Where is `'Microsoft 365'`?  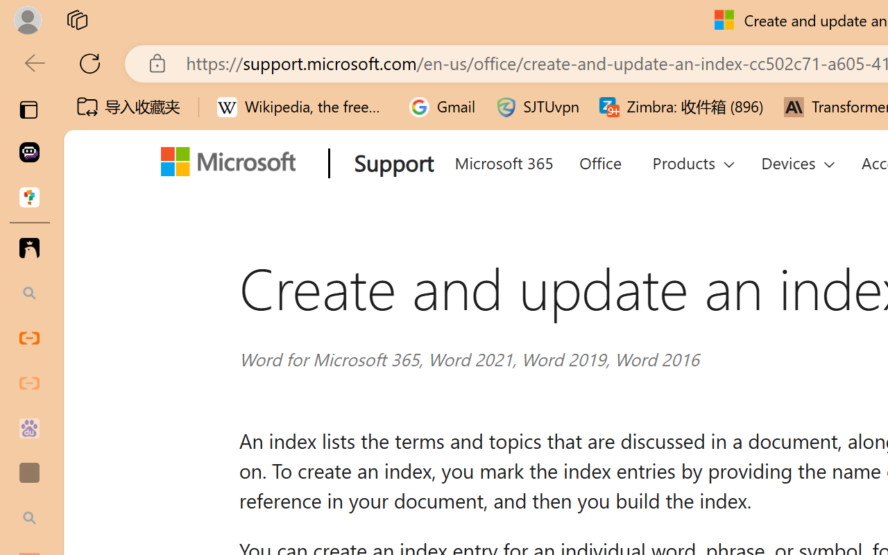
'Microsoft 365' is located at coordinates (502, 160).